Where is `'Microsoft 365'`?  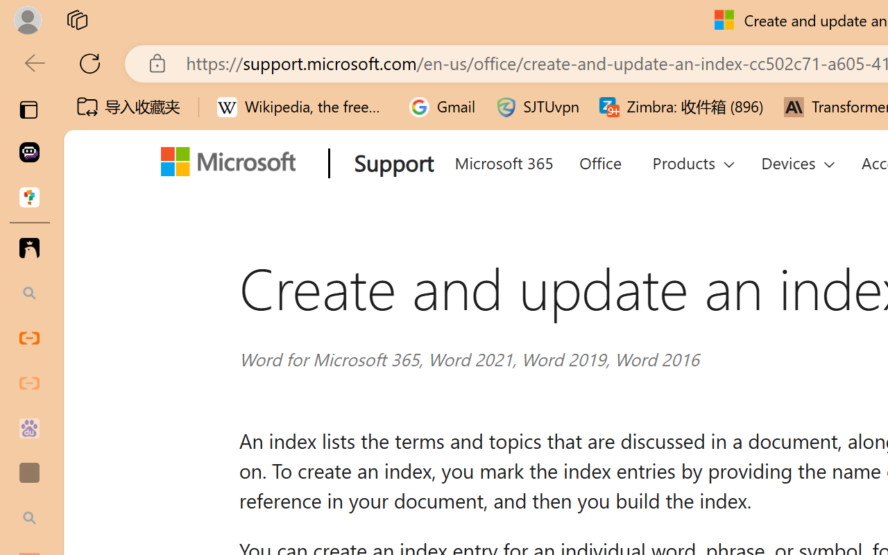
'Microsoft 365' is located at coordinates (502, 160).